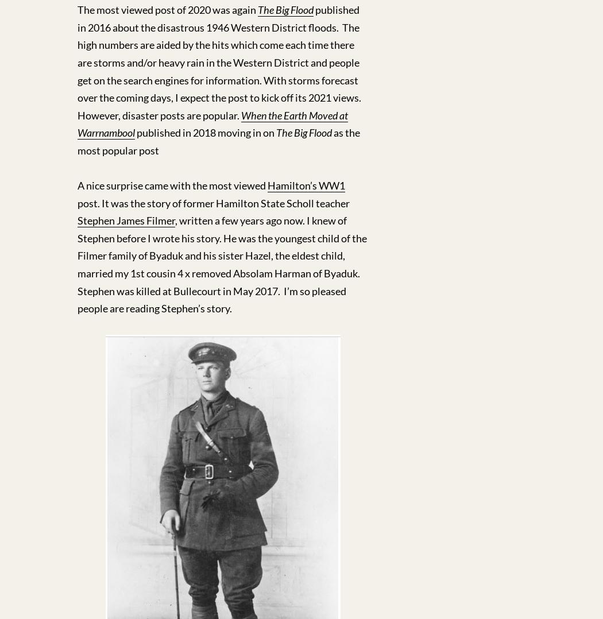 The height and width of the screenshot is (619, 603). I want to click on 'A nice surprise came with the most viewed', so click(172, 184).